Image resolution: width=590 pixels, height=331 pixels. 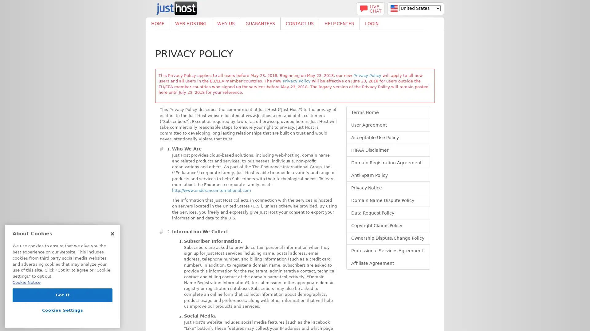 What do you see at coordinates (62, 295) in the screenshot?
I see `Got It` at bounding box center [62, 295].